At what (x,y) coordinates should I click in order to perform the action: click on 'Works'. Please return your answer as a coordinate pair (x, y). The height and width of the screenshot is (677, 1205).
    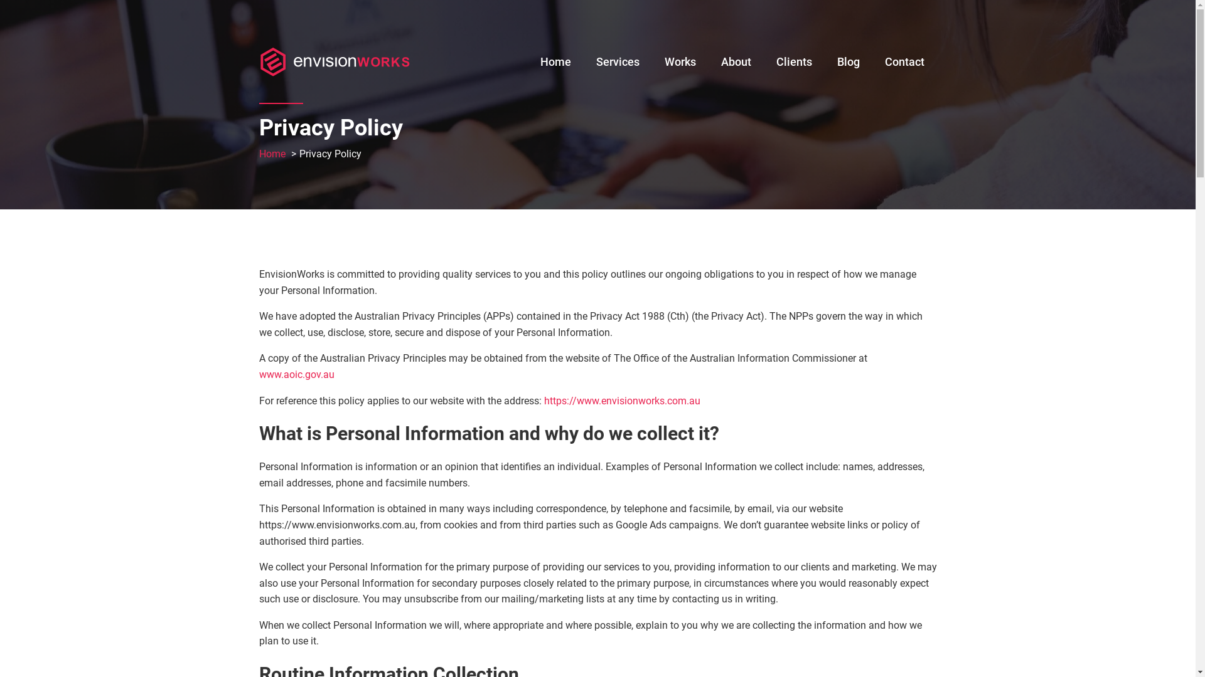
    Looking at the image, I should click on (679, 59).